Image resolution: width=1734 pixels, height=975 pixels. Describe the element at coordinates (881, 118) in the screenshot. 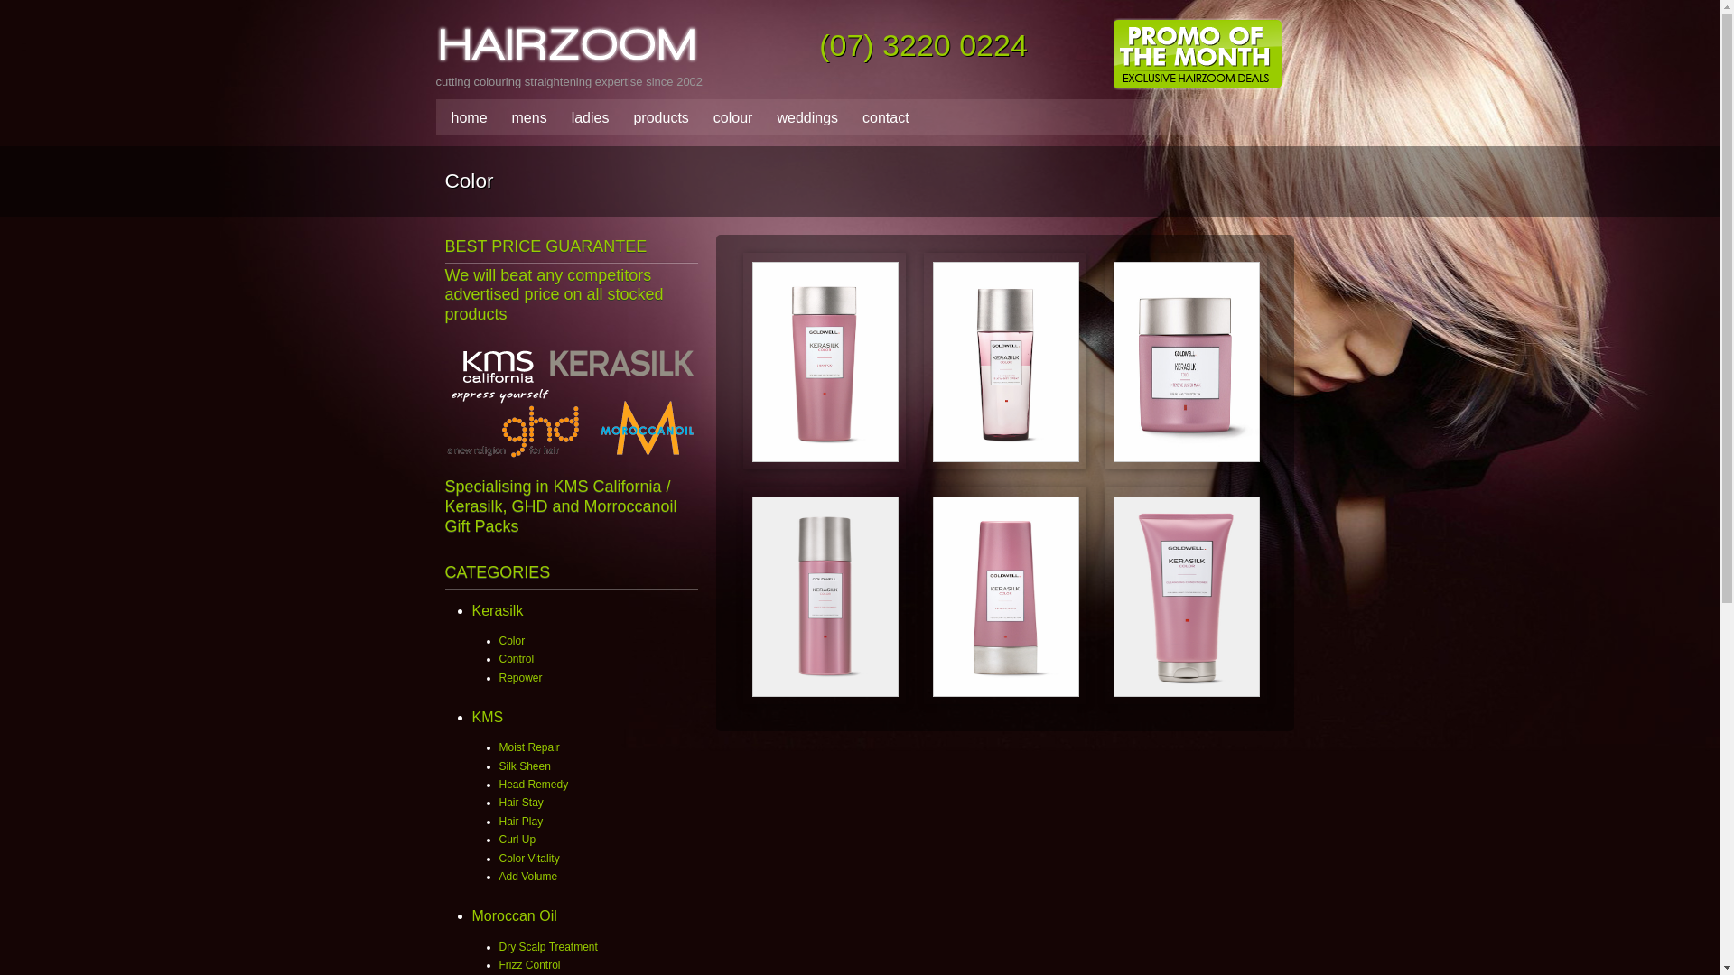

I see `'contact'` at that location.